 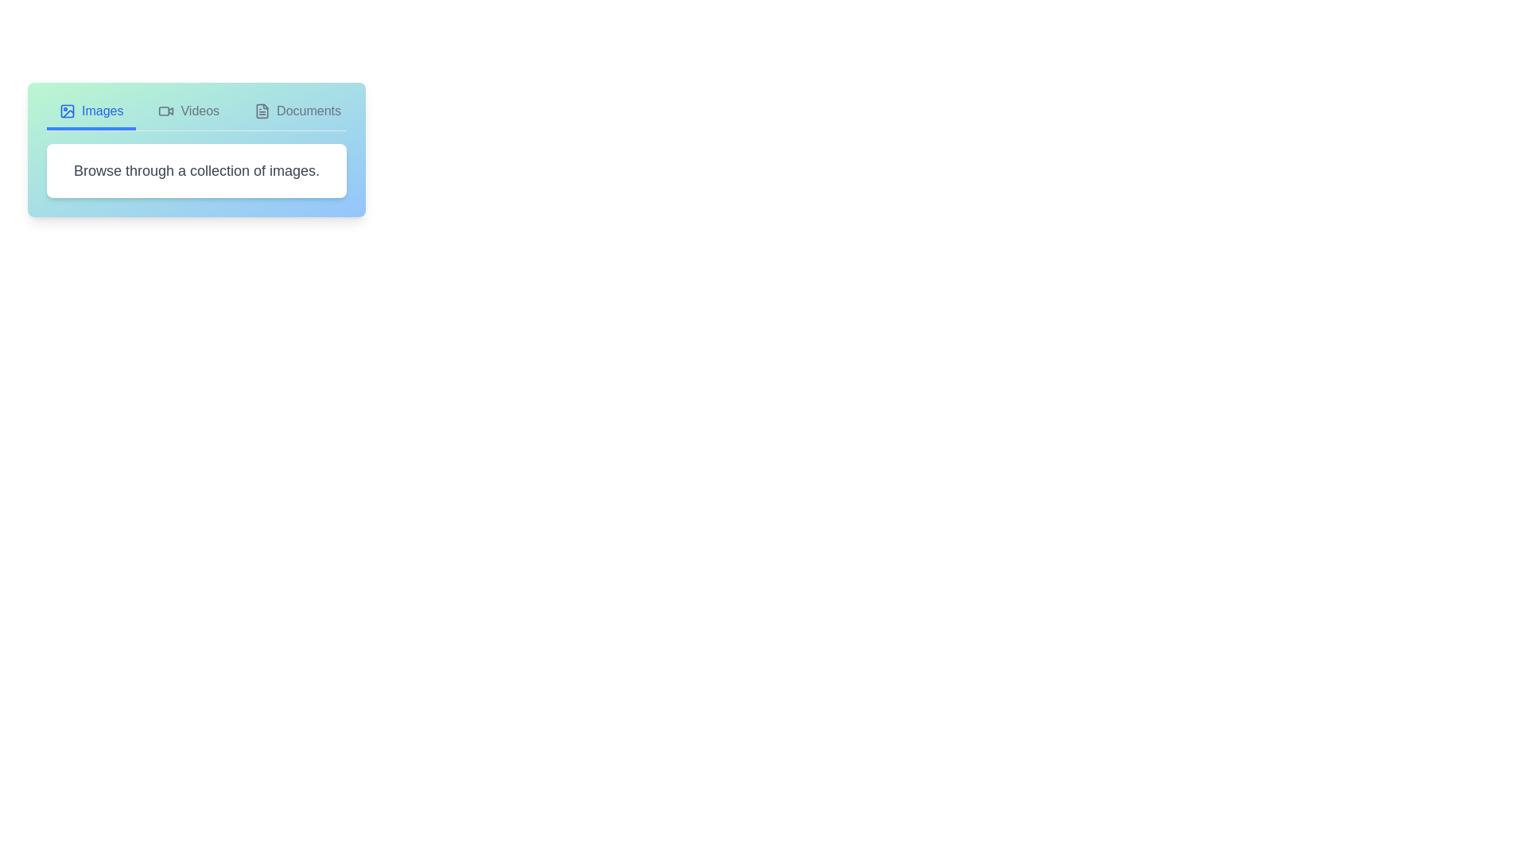 What do you see at coordinates (188, 115) in the screenshot?
I see `the Videos tab to switch to the corresponding view` at bounding box center [188, 115].